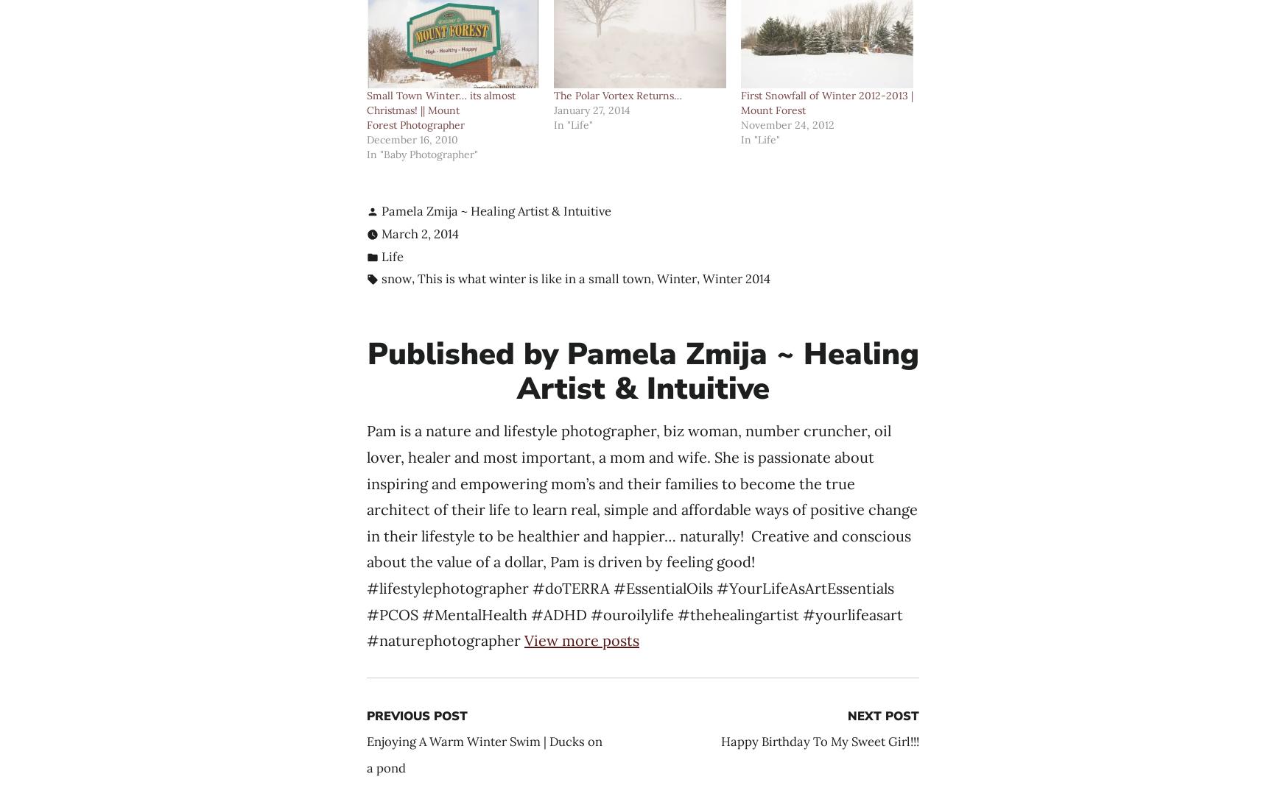 This screenshot has width=1286, height=785. I want to click on 'Pam is a nature and lifestyle photographer, biz woman, number cruncher, oil lover, healer and most important, a mom and wife. She is passionate about inspiring and empowering mom’s and their families to become the true architect of their life to learn real, simple and affordable ways of positive change in their lifestyle to be healthier and happier… naturally!  Creative and conscious about the value of a dollar, Pam is driven by feeling good!   #lifestylephotographer #doTERRA #EssentialOils #YourLifeAsArtEssentials  #PCOS #MentalHealth #ADHD #ouroilylife #thehealingartist #yourlifeasart #naturephotographer', so click(642, 535).